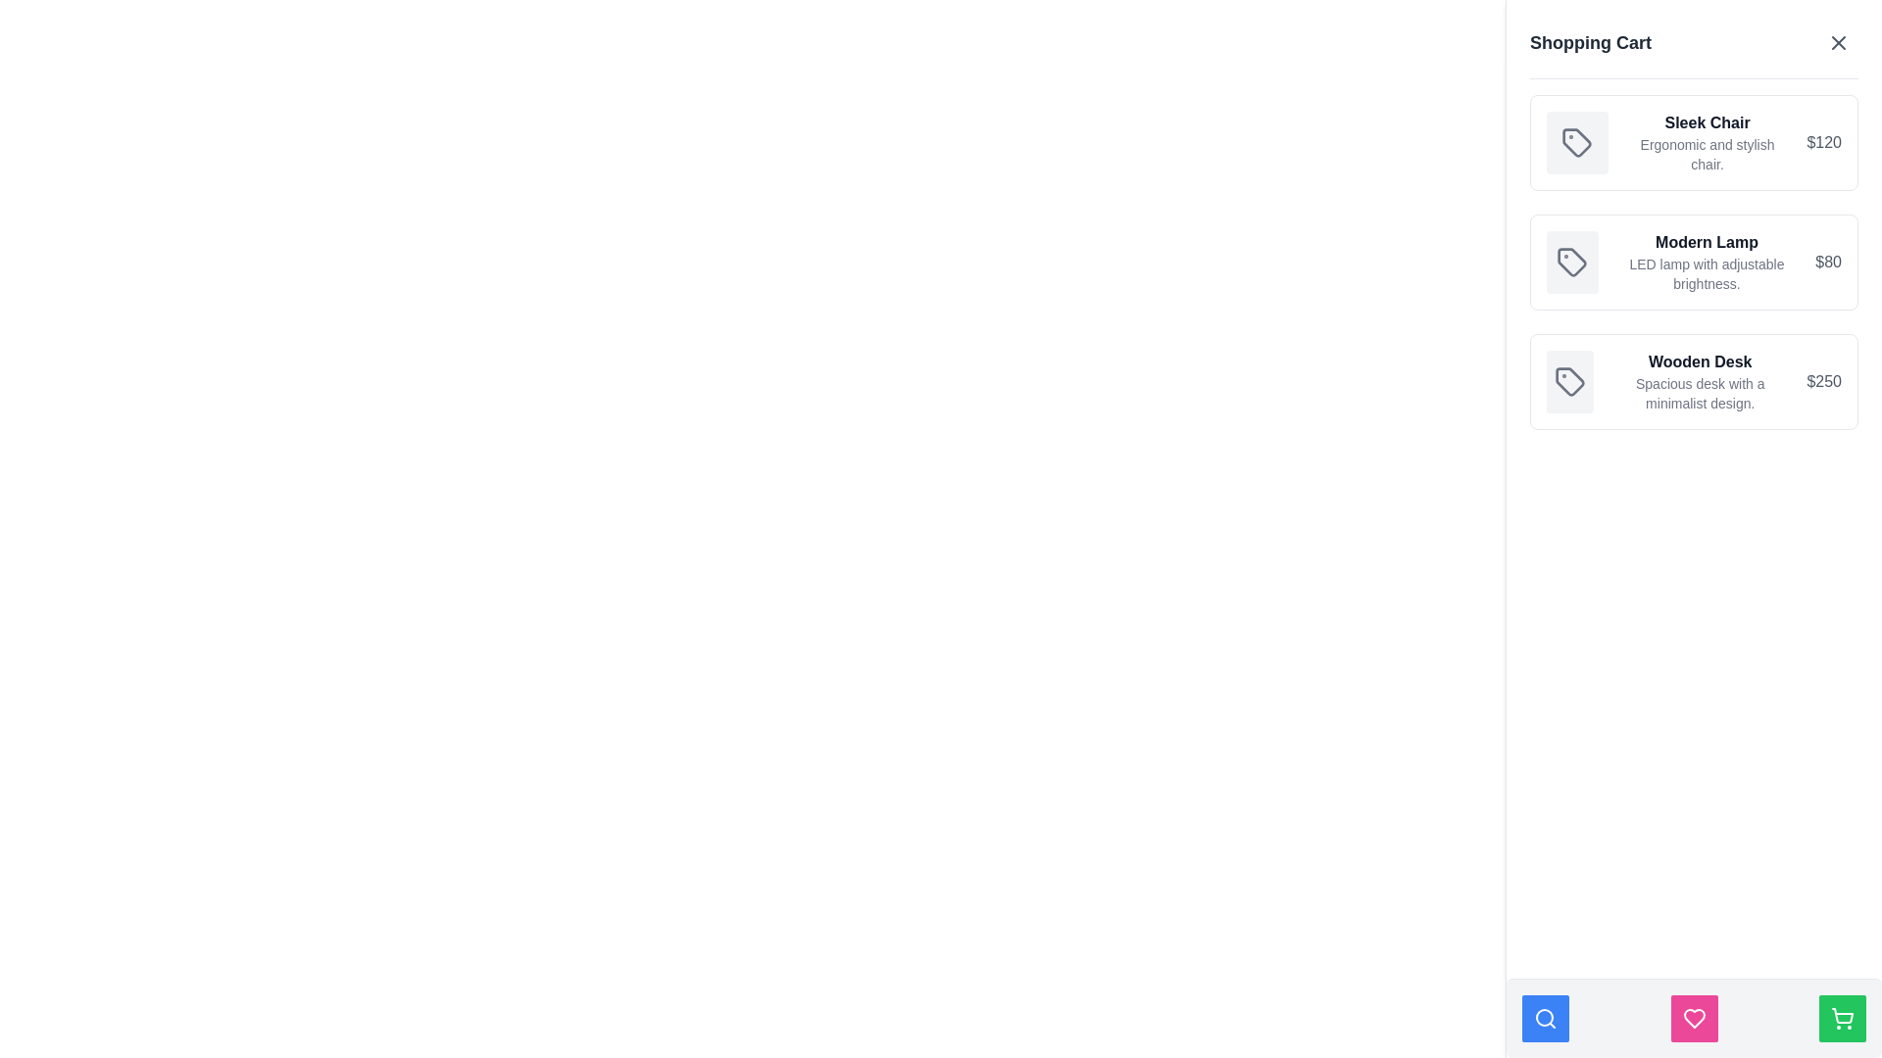  I want to click on details of the product displayed in the second list item of the 'Shopping Cart', which shows information about the 'Modern Lamp', so click(1693, 261).